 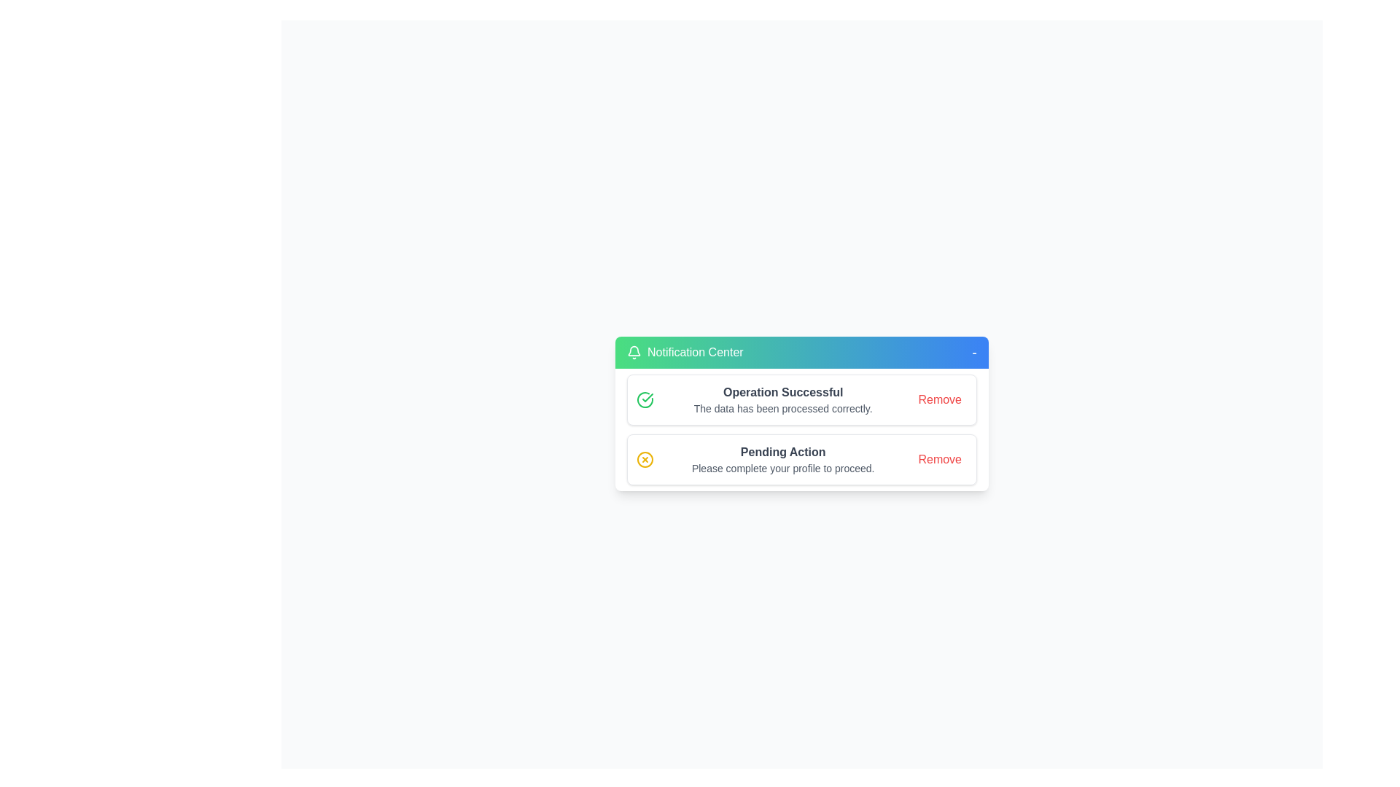 I want to click on text displayed in the text label that says 'Please complete your profile to proceed.', located directly below the title 'Pending Action' in the second notification card, so click(x=782, y=469).